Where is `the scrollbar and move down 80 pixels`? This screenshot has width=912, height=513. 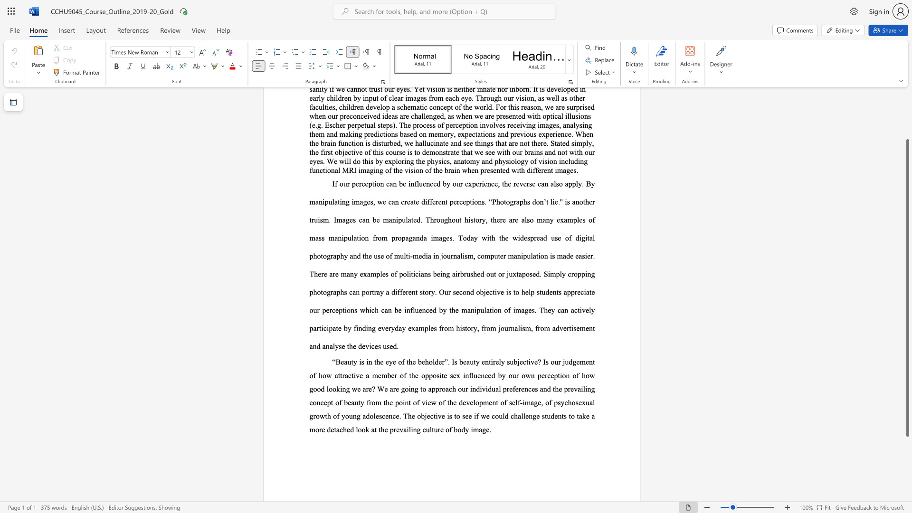 the scrollbar and move down 80 pixels is located at coordinates (907, 287).